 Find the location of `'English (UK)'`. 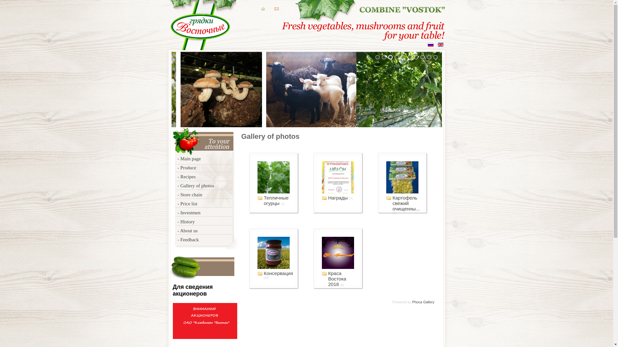

'English (UK)' is located at coordinates (440, 44).